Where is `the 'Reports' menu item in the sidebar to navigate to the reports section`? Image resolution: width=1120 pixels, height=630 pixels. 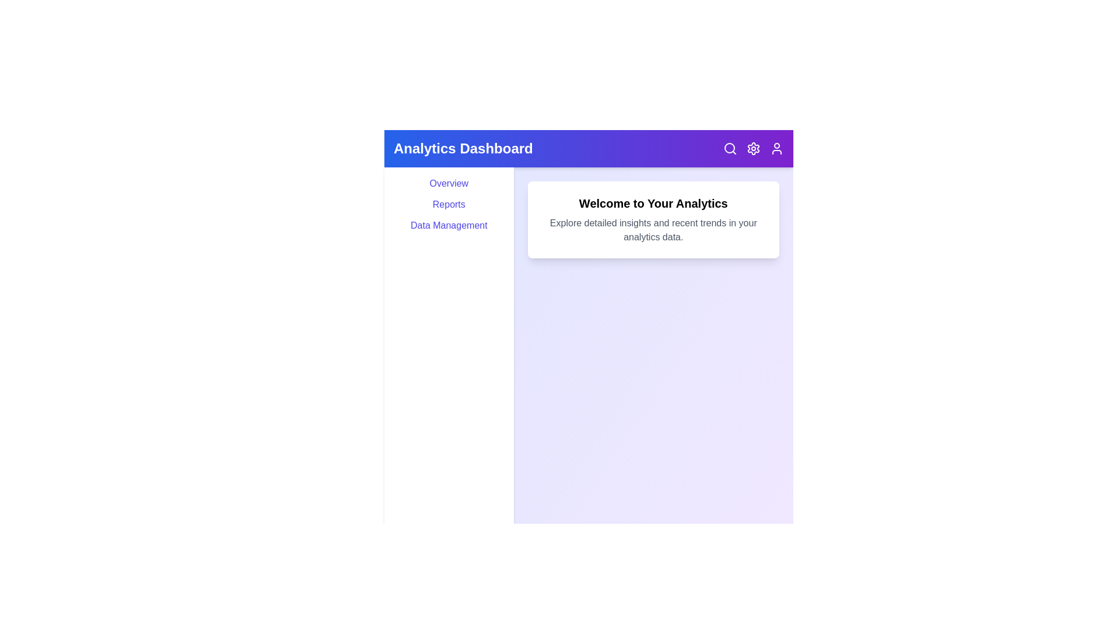 the 'Reports' menu item in the sidebar to navigate to the reports section is located at coordinates (447, 204).